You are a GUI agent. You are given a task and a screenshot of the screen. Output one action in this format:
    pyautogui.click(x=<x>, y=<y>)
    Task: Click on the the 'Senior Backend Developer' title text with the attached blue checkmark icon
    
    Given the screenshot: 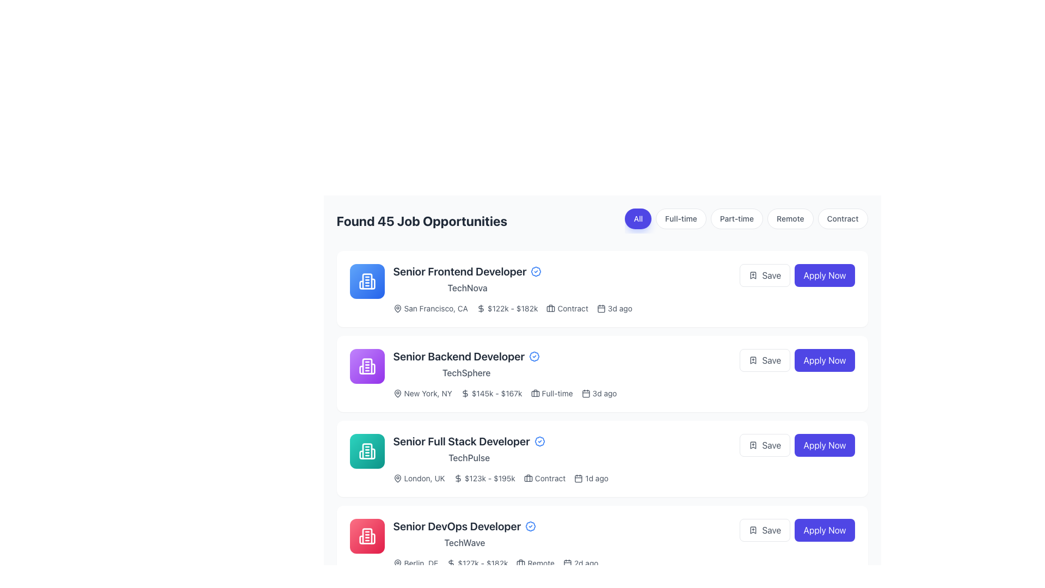 What is the action you would take?
    pyautogui.click(x=466, y=357)
    